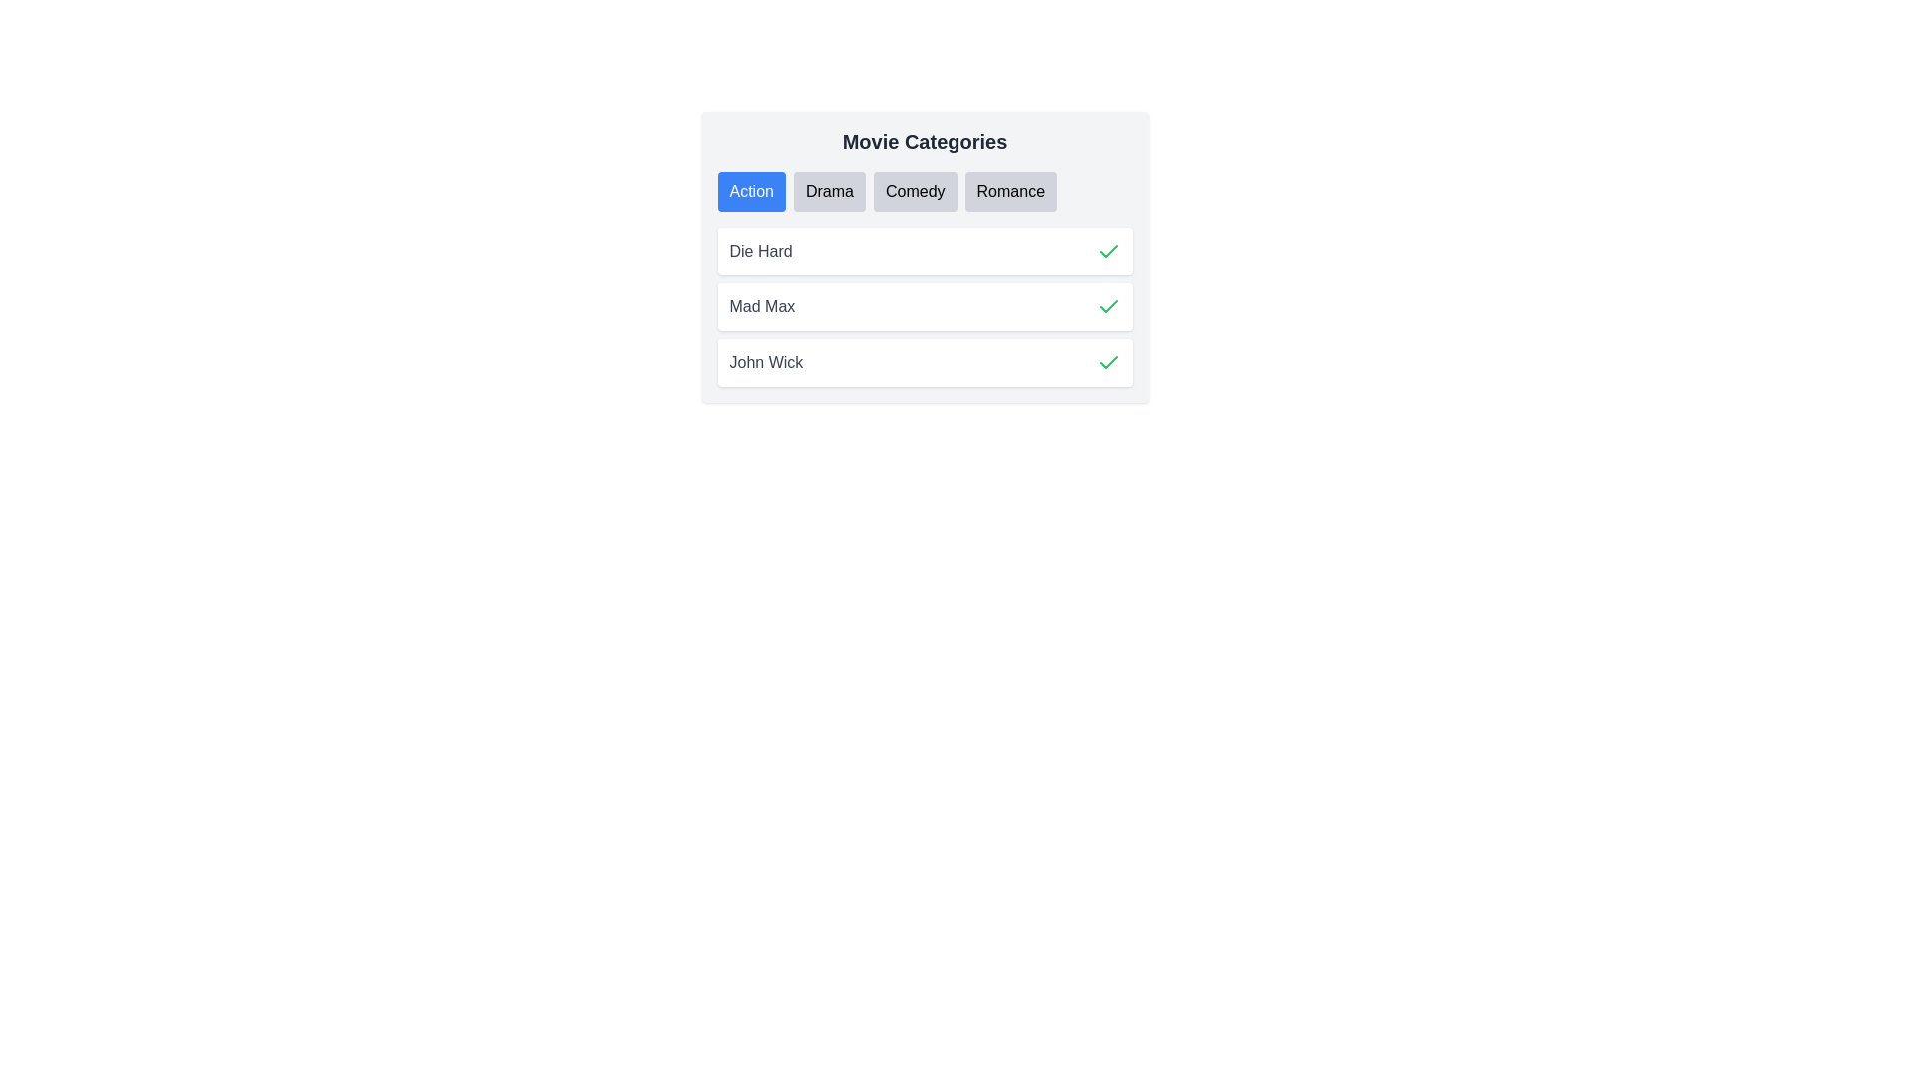 This screenshot has height=1078, width=1917. Describe the element at coordinates (1107, 307) in the screenshot. I see `the green checkmark icon` at that location.